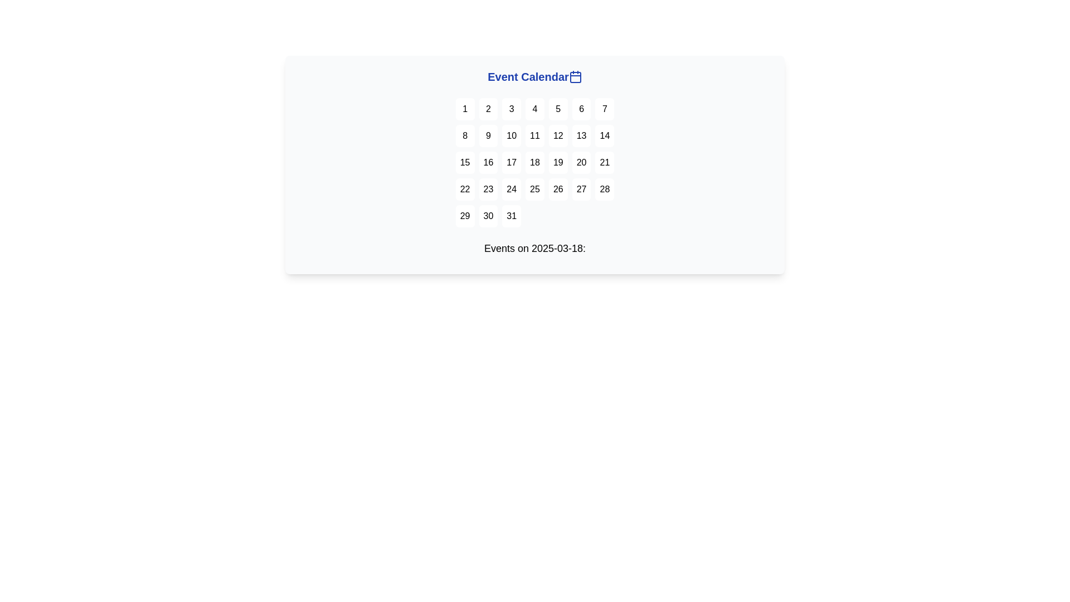 This screenshot has height=602, width=1070. Describe the element at coordinates (511, 135) in the screenshot. I see `the day 10 button in the Event Calendar for keyboard interaction` at that location.